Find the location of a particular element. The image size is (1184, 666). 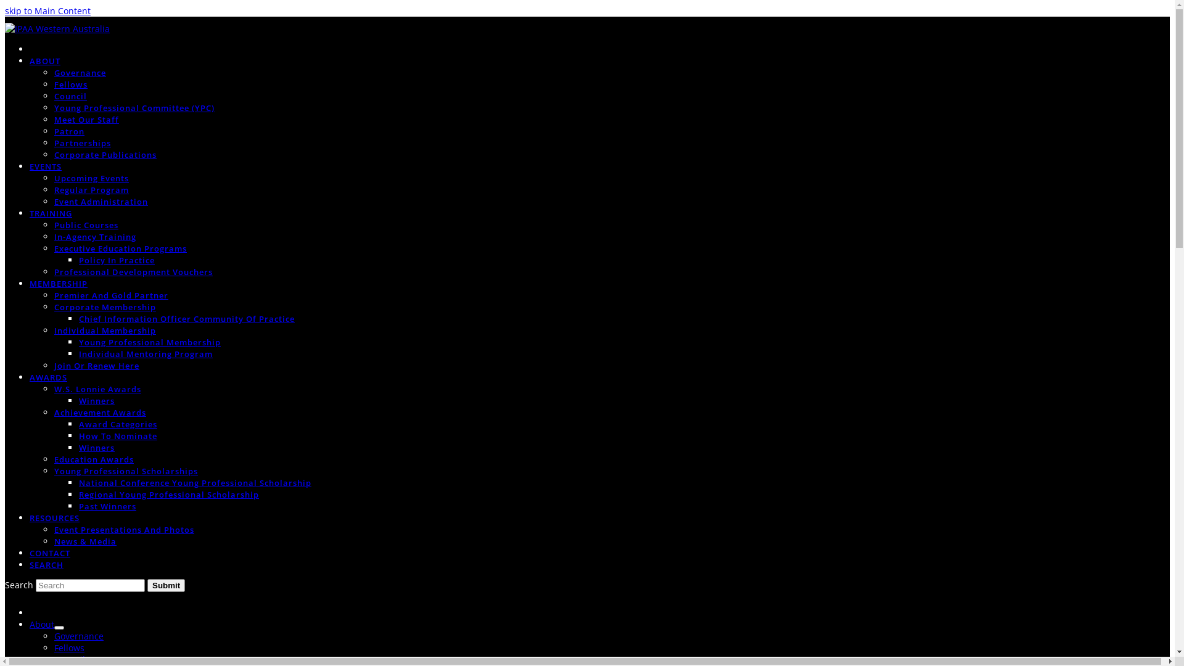

'Professional Development Vouchers' is located at coordinates (53, 271).